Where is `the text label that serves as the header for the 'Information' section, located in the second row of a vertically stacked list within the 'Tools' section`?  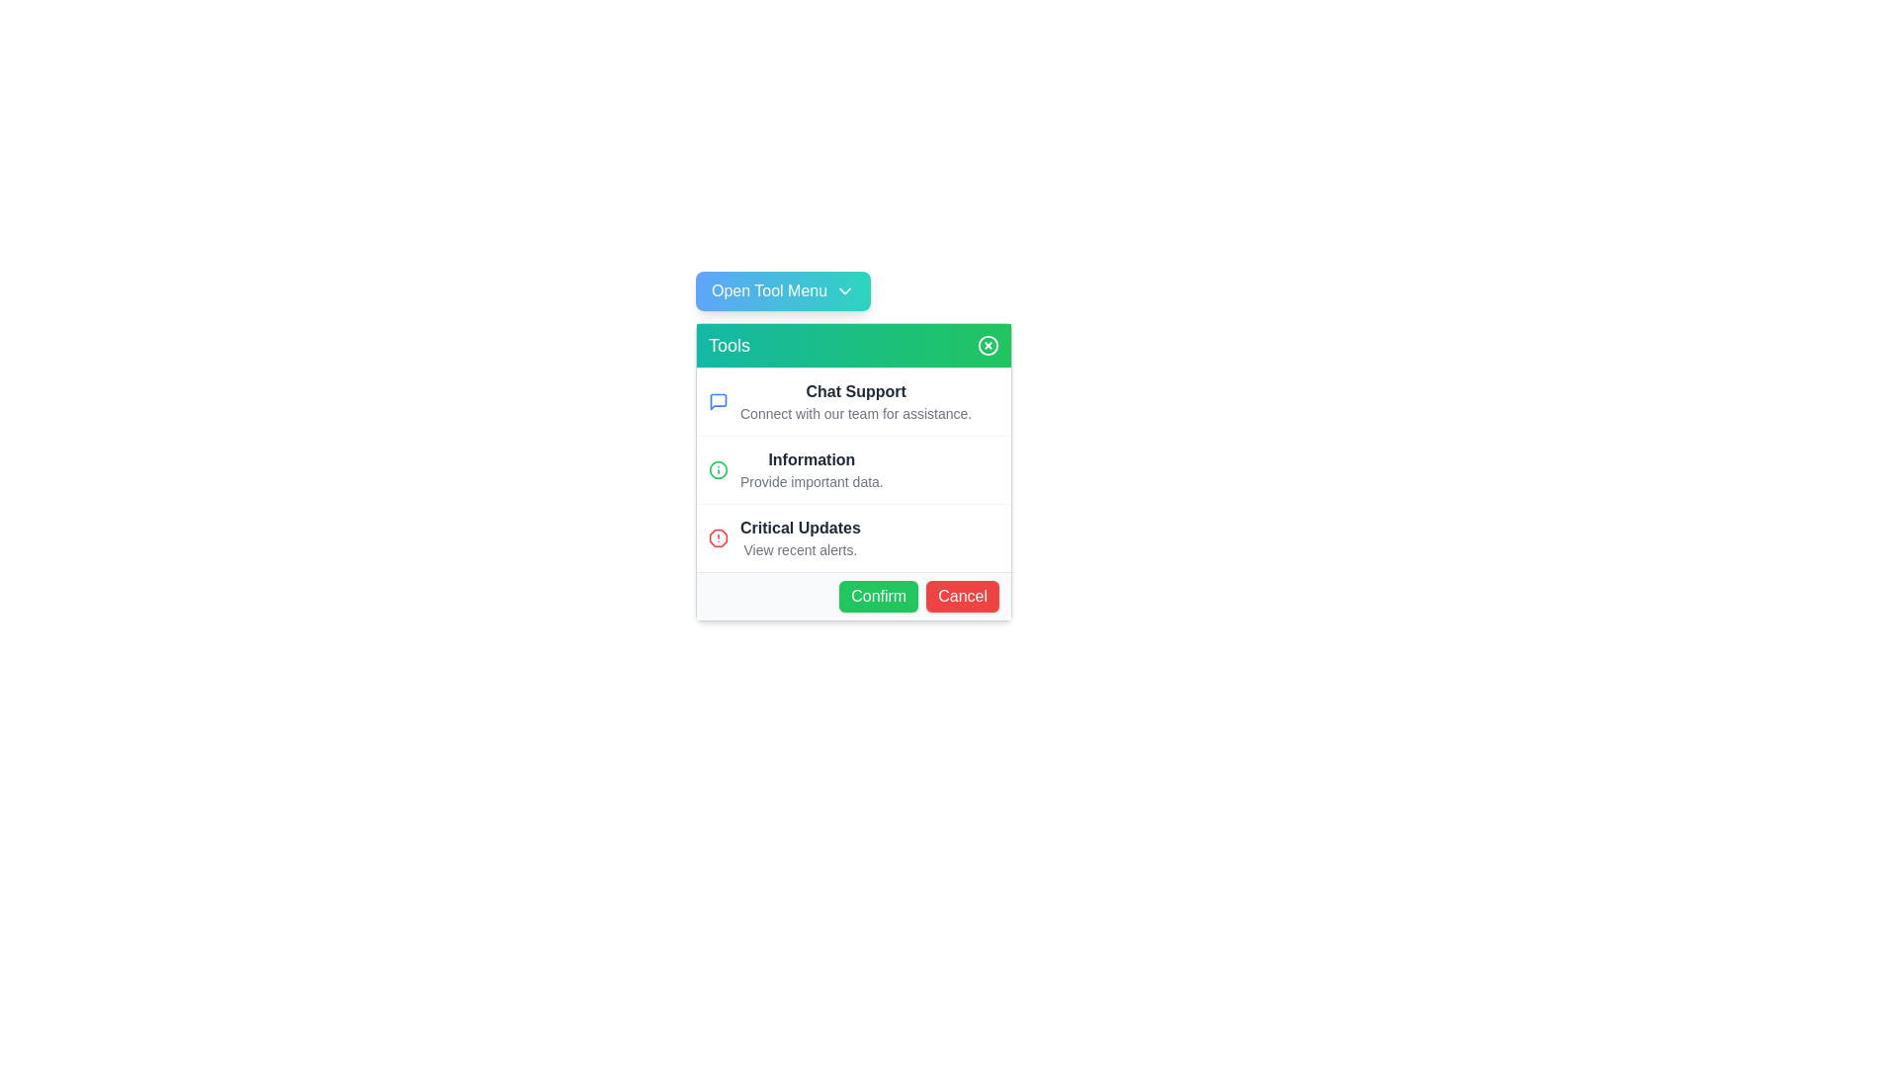
the text label that serves as the header for the 'Information' section, located in the second row of a vertically stacked list within the 'Tools' section is located at coordinates (812, 460).